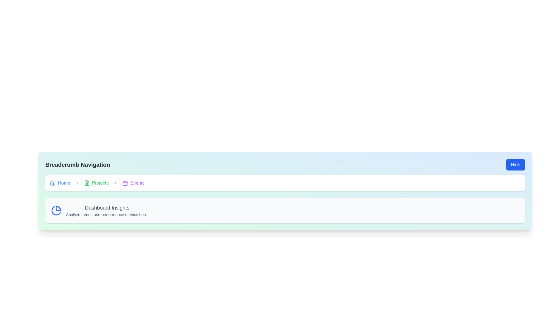 This screenshot has height=310, width=551. What do you see at coordinates (86, 183) in the screenshot?
I see `the stylized file folder icon located next to the 'Projects' label in the breadcrumb navigation` at bounding box center [86, 183].